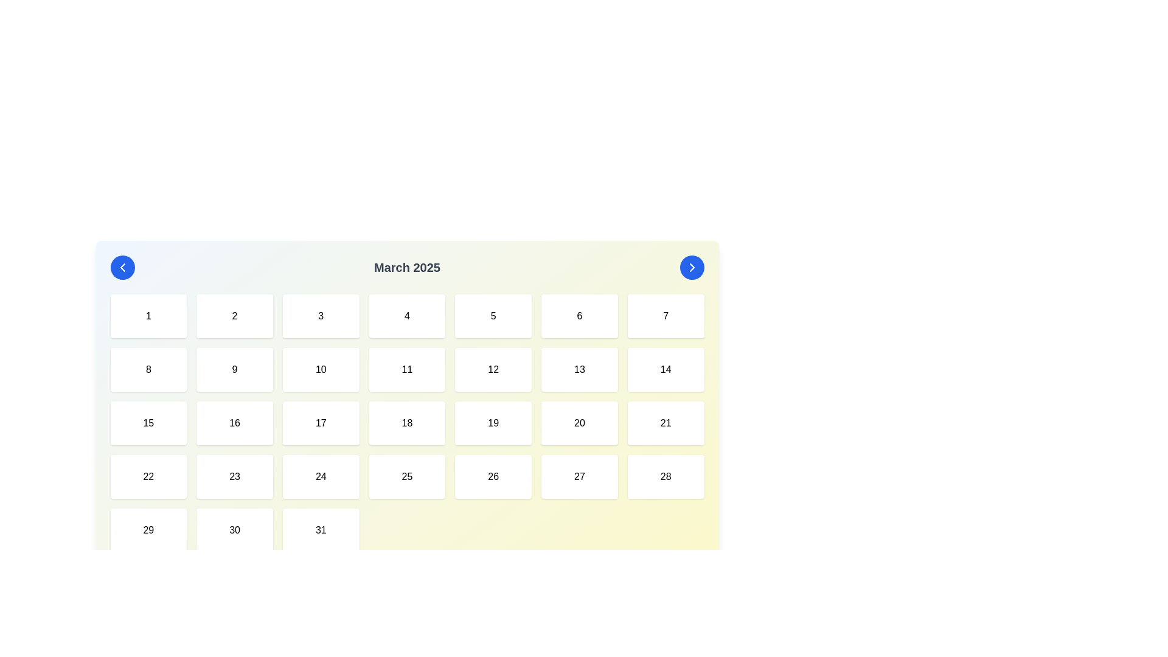  What do you see at coordinates (148, 529) in the screenshot?
I see `the interactive calendar date element displaying the number '29', located` at bounding box center [148, 529].